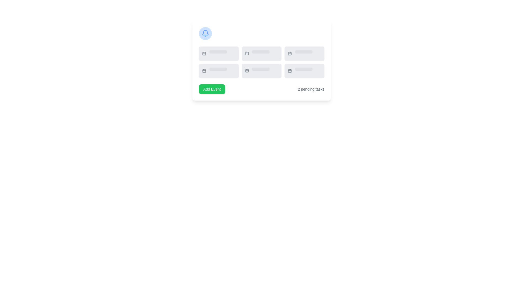 Image resolution: width=519 pixels, height=292 pixels. Describe the element at coordinates (304, 53) in the screenshot. I see `the sixth placeholder component in the grid, located in the top-right corner, indicating a loading or empty state` at that location.